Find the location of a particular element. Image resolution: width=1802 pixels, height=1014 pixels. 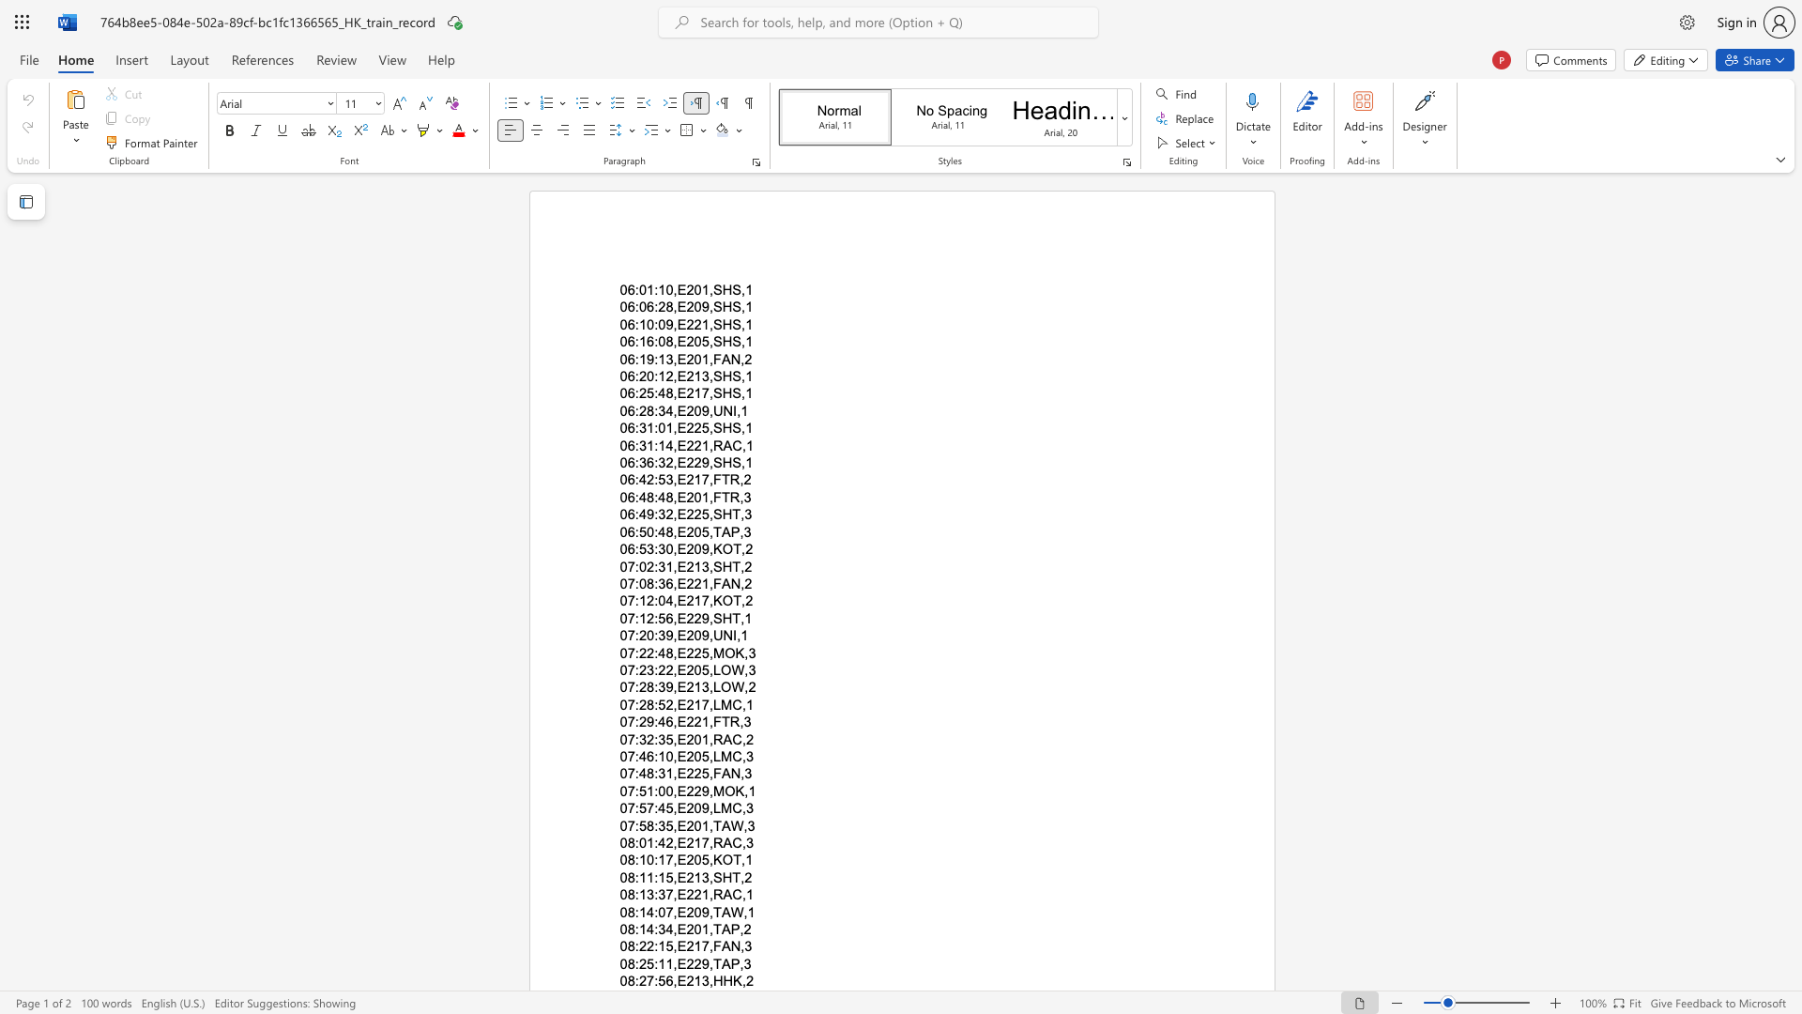

the subset text "213,SHT" within the text "08:11:15,E213,SHT,2" is located at coordinates (685, 877).